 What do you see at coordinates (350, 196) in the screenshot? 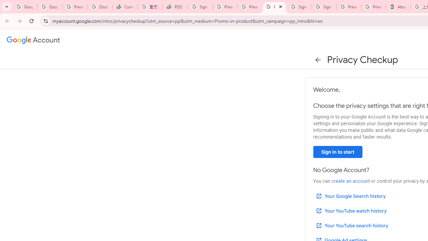
I see `'Your Google Search history'` at bounding box center [350, 196].